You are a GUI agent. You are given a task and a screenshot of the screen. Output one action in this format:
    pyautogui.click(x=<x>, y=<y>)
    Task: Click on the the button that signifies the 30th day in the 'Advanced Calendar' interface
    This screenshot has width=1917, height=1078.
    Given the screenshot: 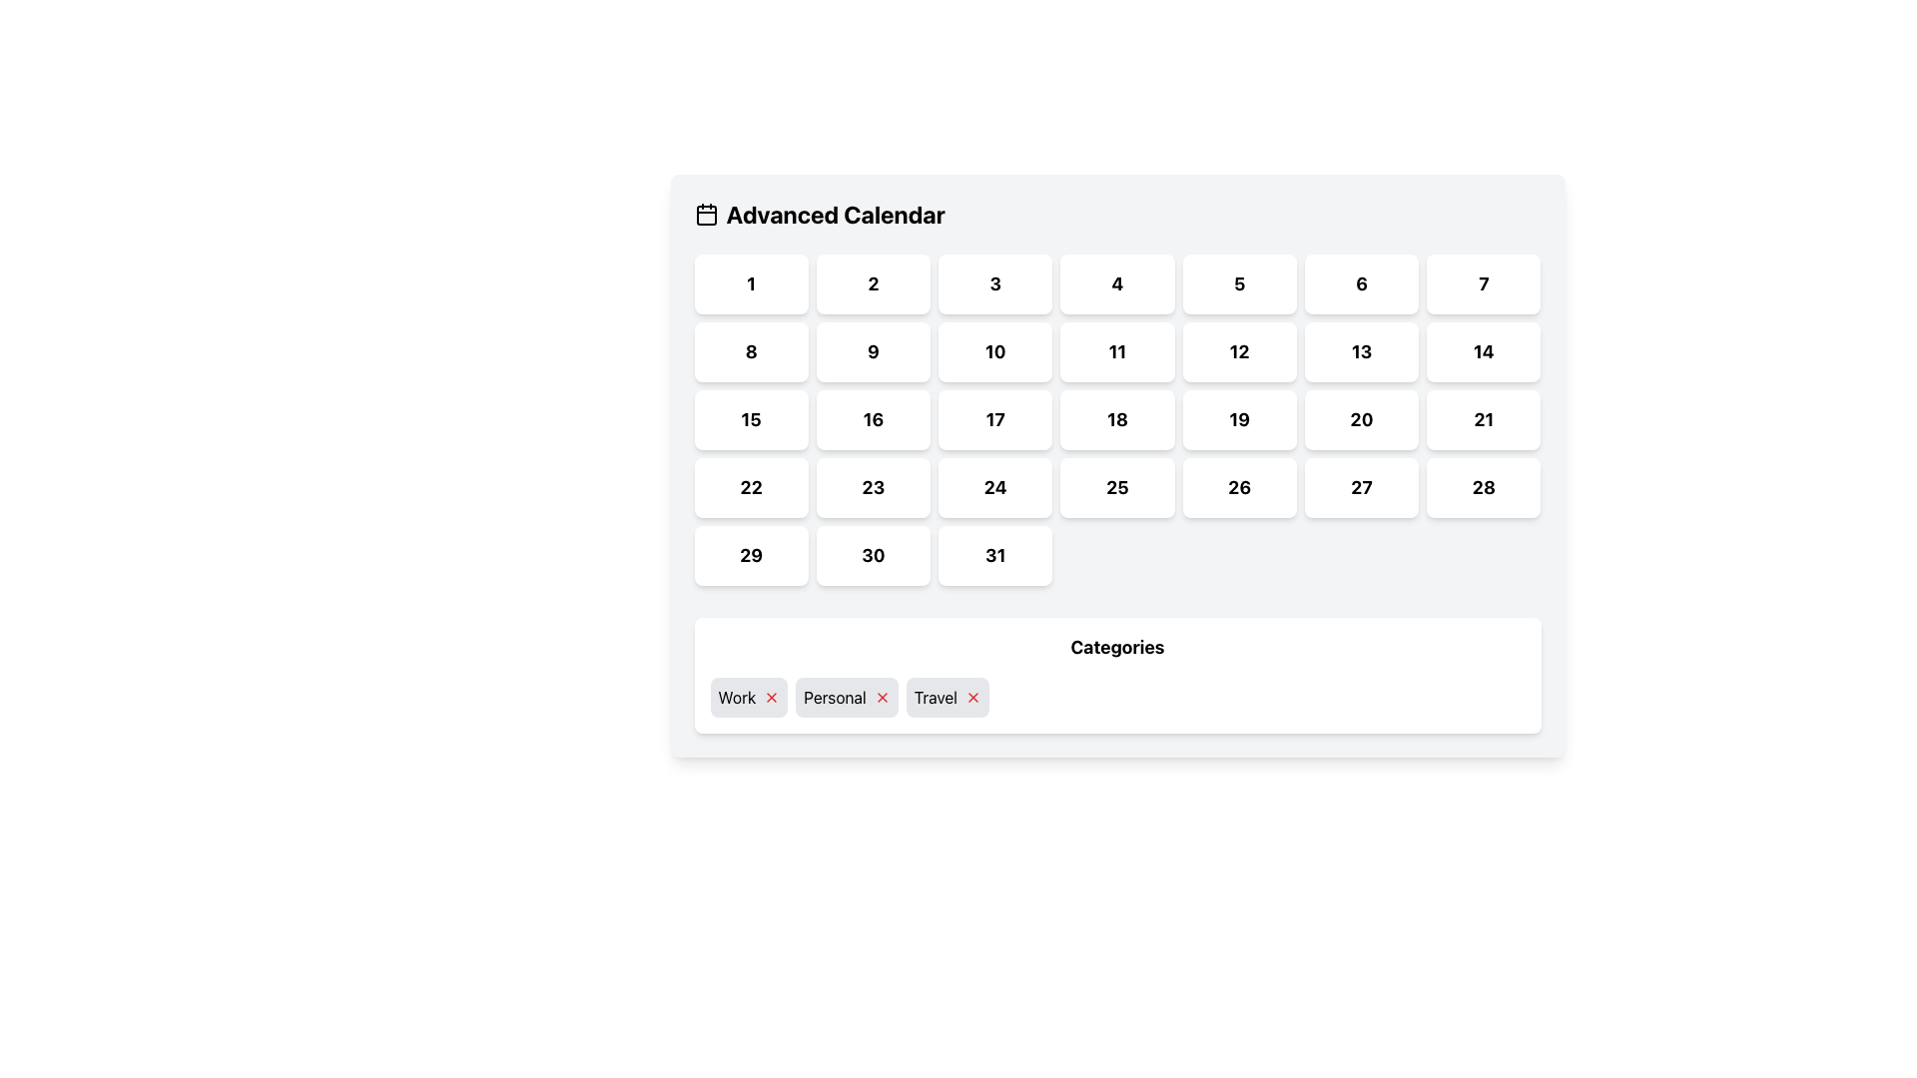 What is the action you would take?
    pyautogui.click(x=873, y=555)
    